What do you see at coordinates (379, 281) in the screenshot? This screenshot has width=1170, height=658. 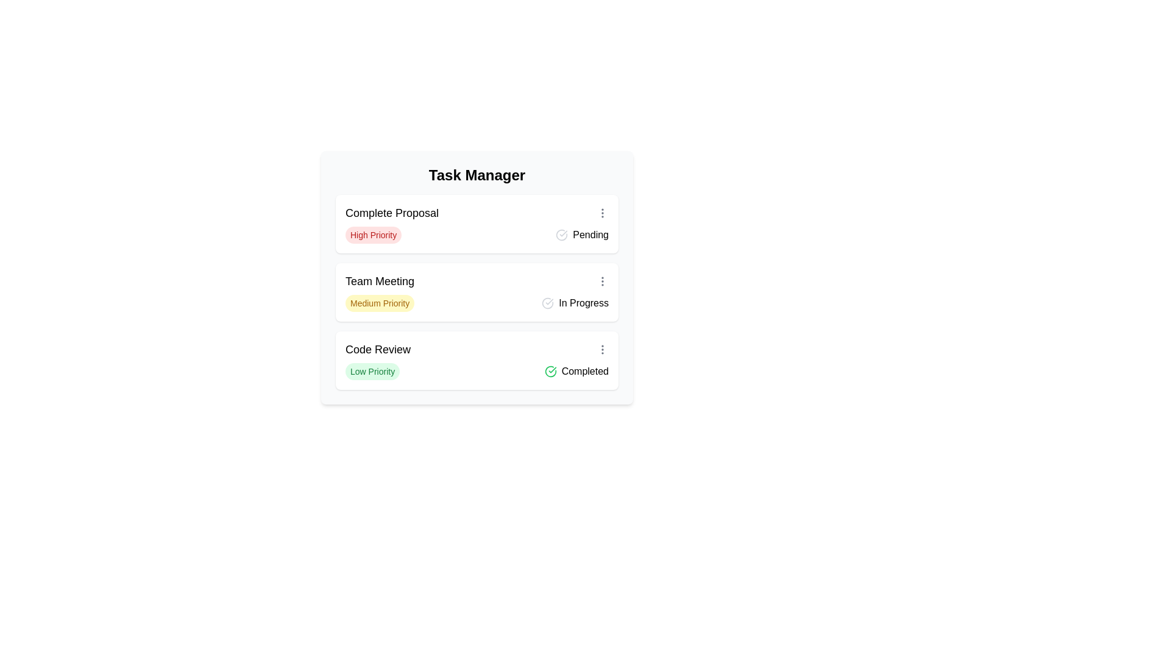 I see `the text label 'Team Meeting' located in the second task card of the Task Manager interface, which is styled in medium bold font and is positioned between 'Complete Proposal' and 'Code Review' cards` at bounding box center [379, 281].